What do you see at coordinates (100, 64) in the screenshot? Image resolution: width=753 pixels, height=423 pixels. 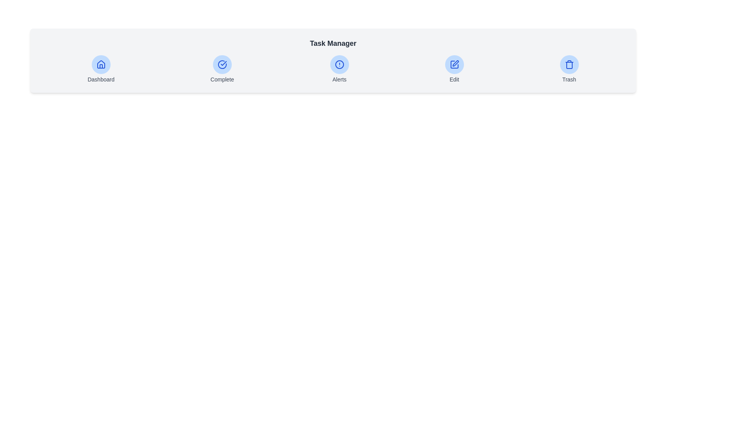 I see `the Dashboard icon button located in the top-left corner of the navigation toolbar` at bounding box center [100, 64].